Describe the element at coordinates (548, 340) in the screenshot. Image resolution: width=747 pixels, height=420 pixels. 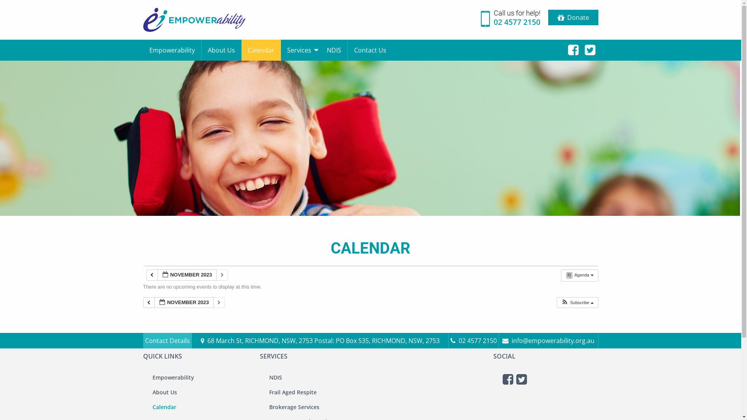
I see `'info@empowerability.org.au'` at that location.